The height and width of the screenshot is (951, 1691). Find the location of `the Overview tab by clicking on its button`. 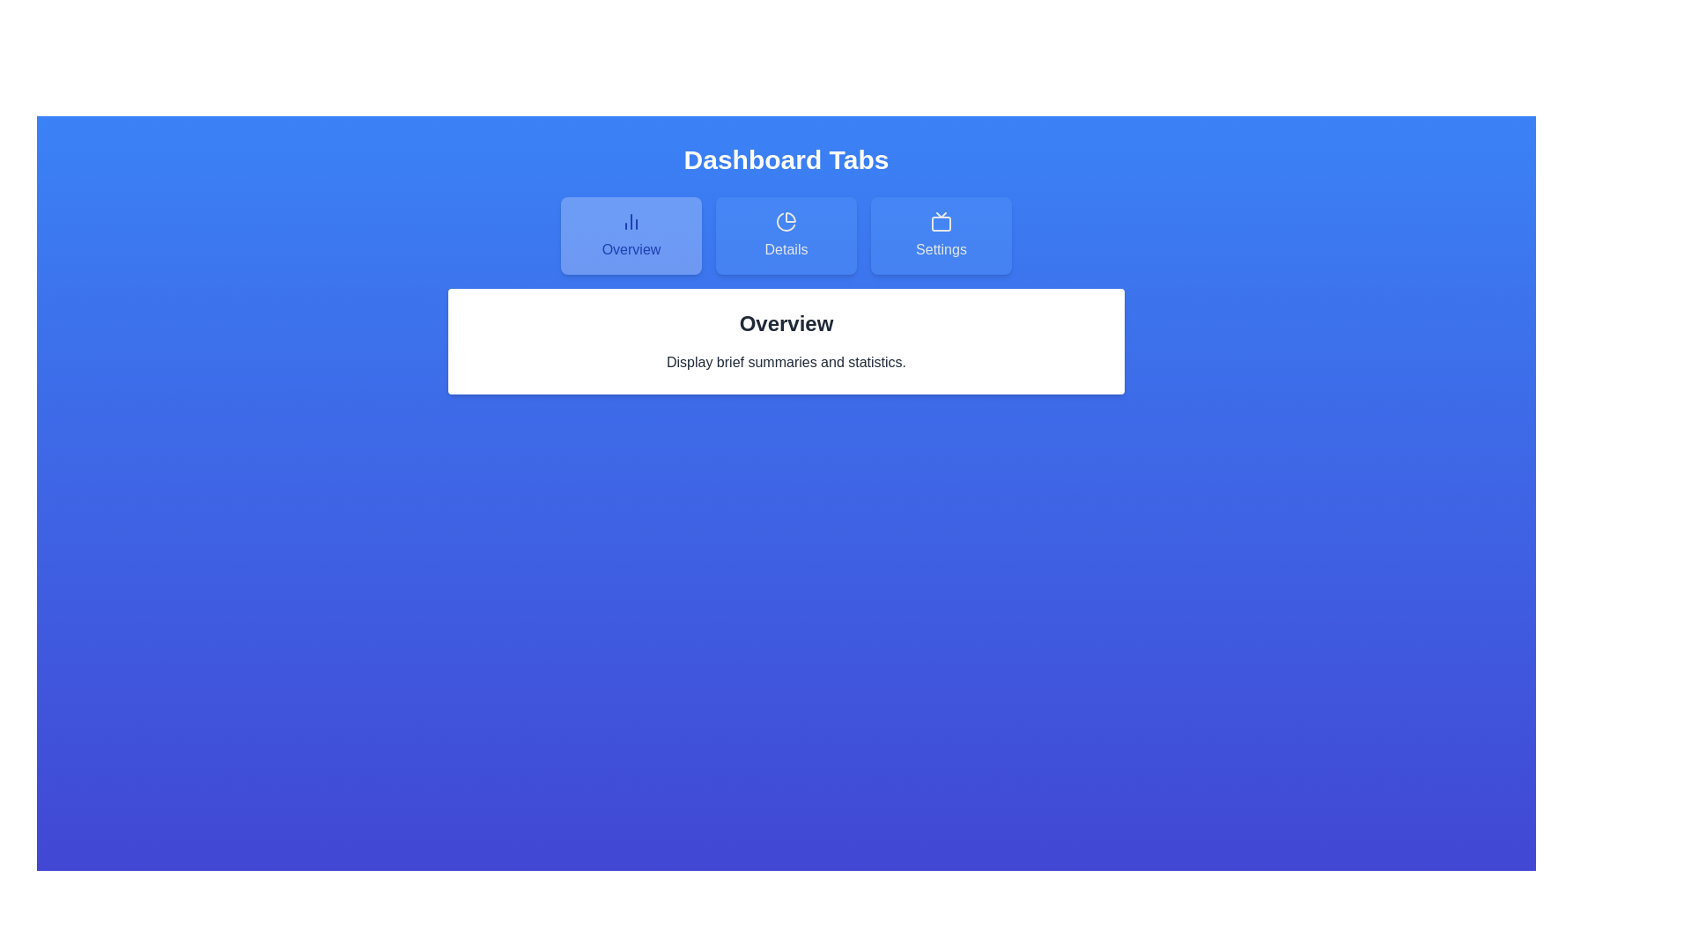

the Overview tab by clicking on its button is located at coordinates (631, 234).